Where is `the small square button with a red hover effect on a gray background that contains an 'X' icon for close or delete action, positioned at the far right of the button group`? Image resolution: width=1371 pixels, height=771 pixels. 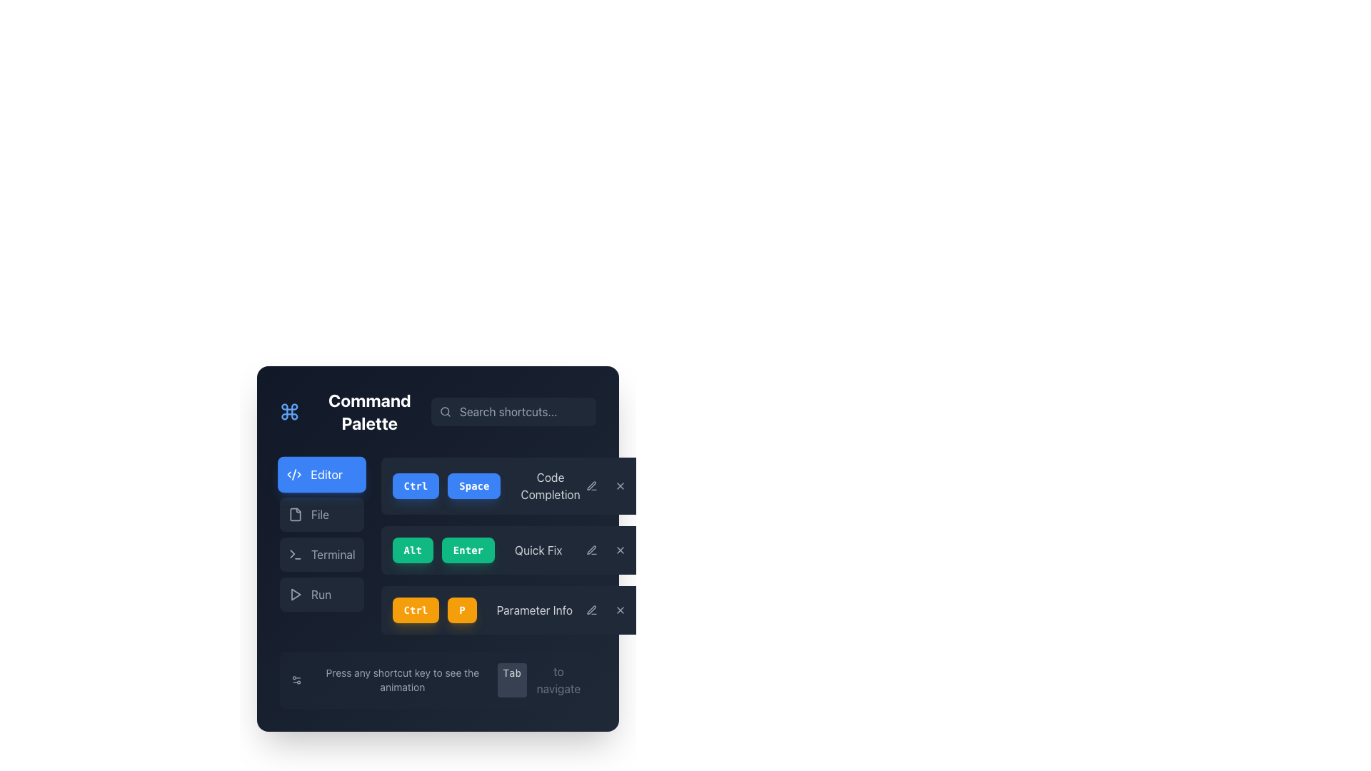 the small square button with a red hover effect on a gray background that contains an 'X' icon for close or delete action, positioned at the far right of the button group is located at coordinates (620, 550).